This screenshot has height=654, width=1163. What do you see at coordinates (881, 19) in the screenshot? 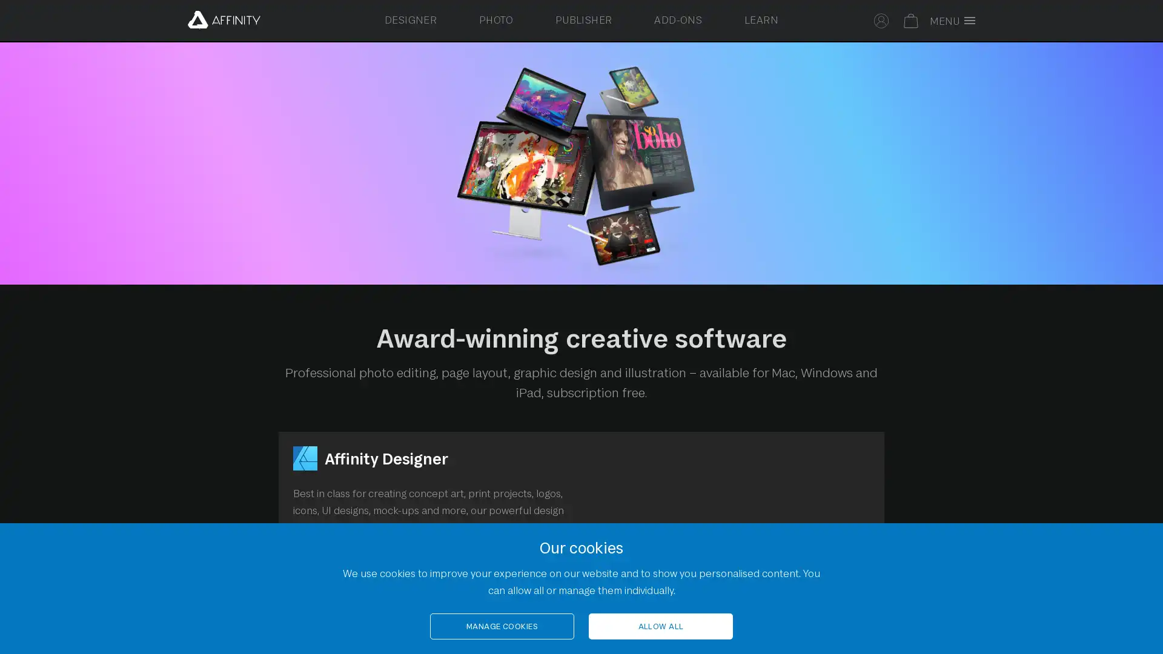
I see `Select to sign in to your Affinity account` at bounding box center [881, 19].